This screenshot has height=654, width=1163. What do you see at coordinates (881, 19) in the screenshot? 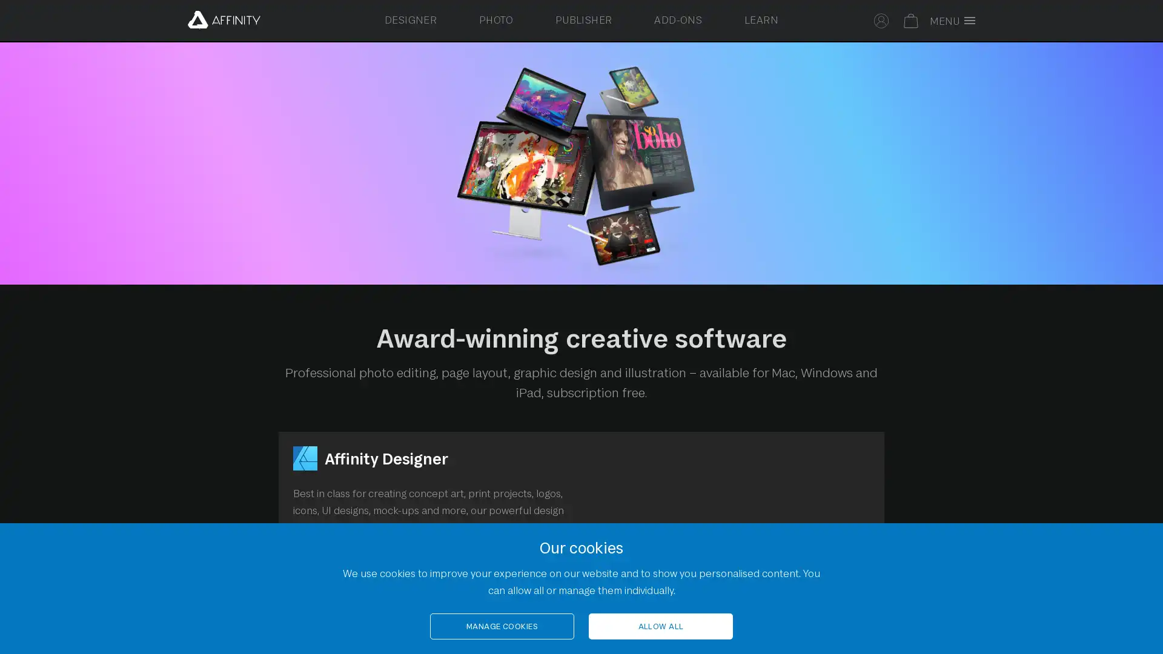
I see `Select to sign in to your Affinity account` at bounding box center [881, 19].